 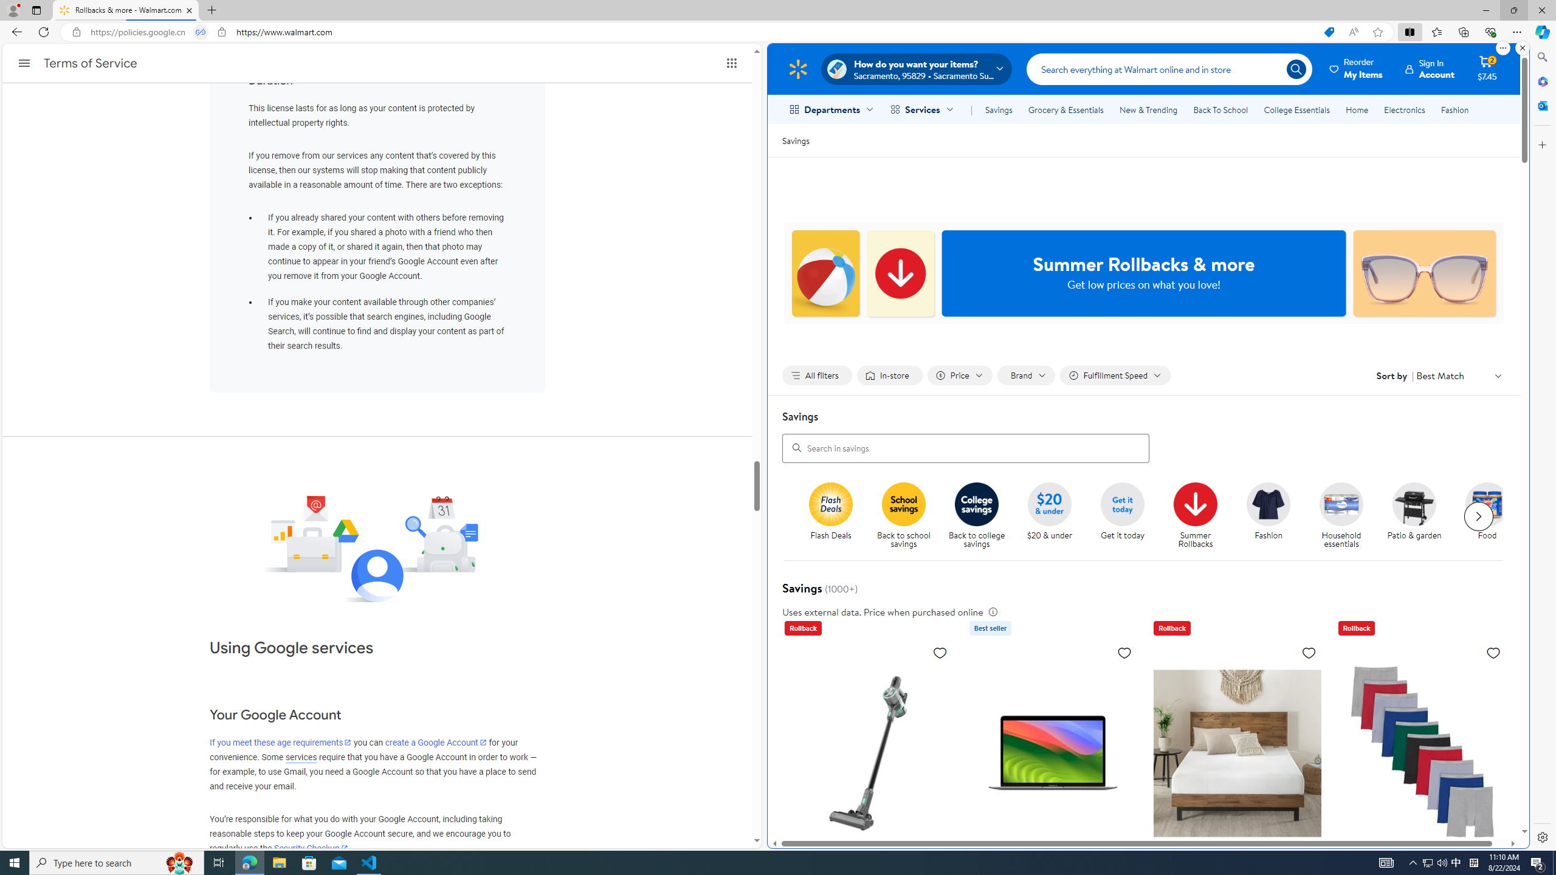 I want to click on 'Fashion Fashion', so click(x=1269, y=512).